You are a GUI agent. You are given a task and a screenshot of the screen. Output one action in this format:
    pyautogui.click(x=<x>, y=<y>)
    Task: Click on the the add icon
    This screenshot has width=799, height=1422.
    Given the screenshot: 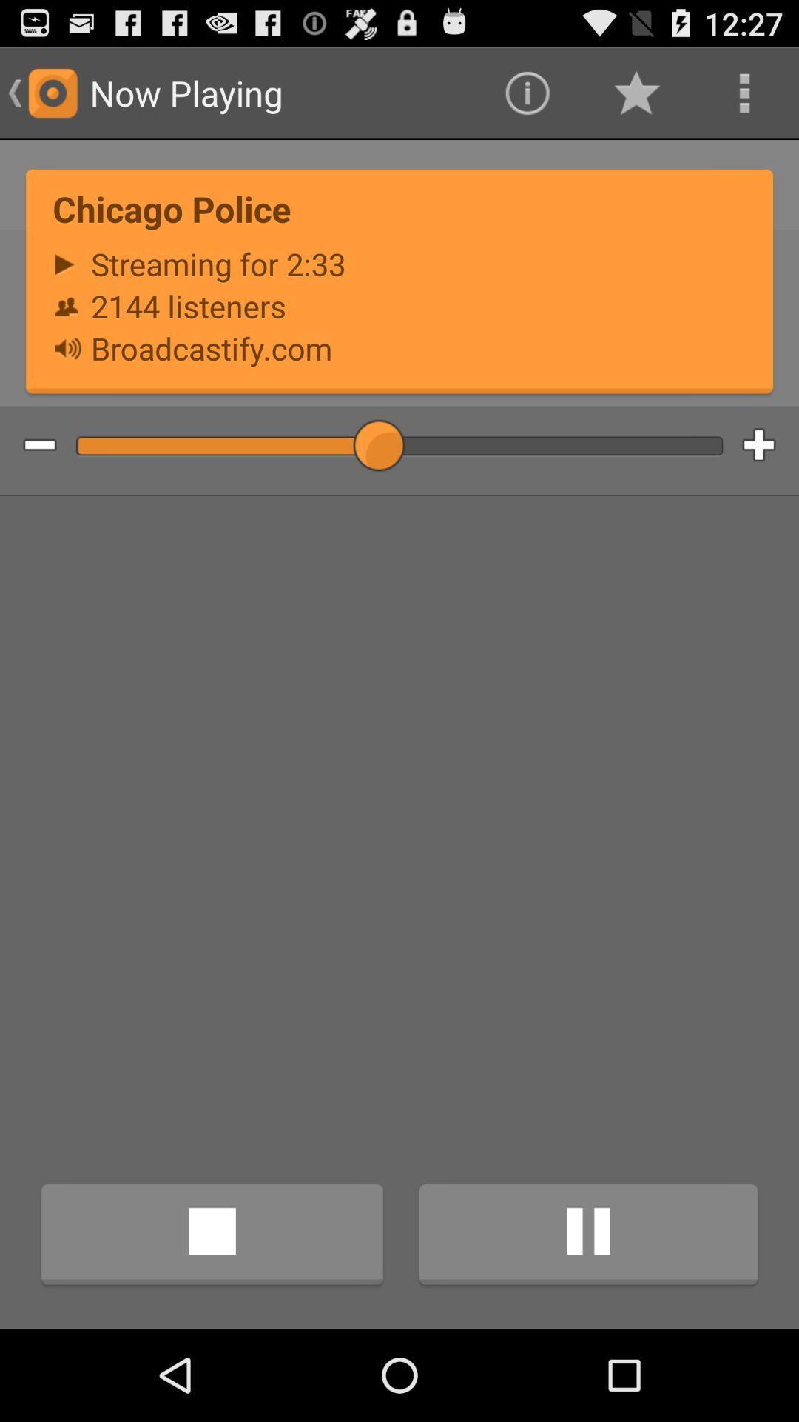 What is the action you would take?
    pyautogui.click(x=769, y=477)
    